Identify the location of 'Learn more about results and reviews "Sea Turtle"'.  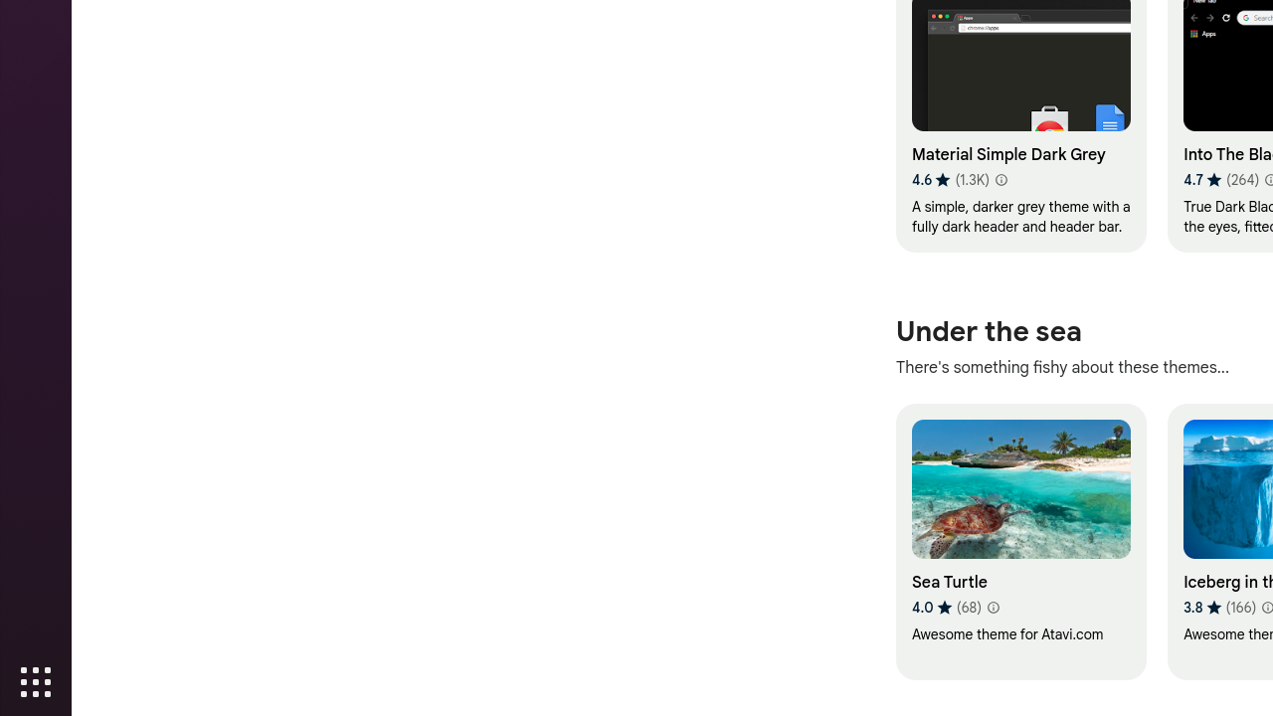
(993, 606).